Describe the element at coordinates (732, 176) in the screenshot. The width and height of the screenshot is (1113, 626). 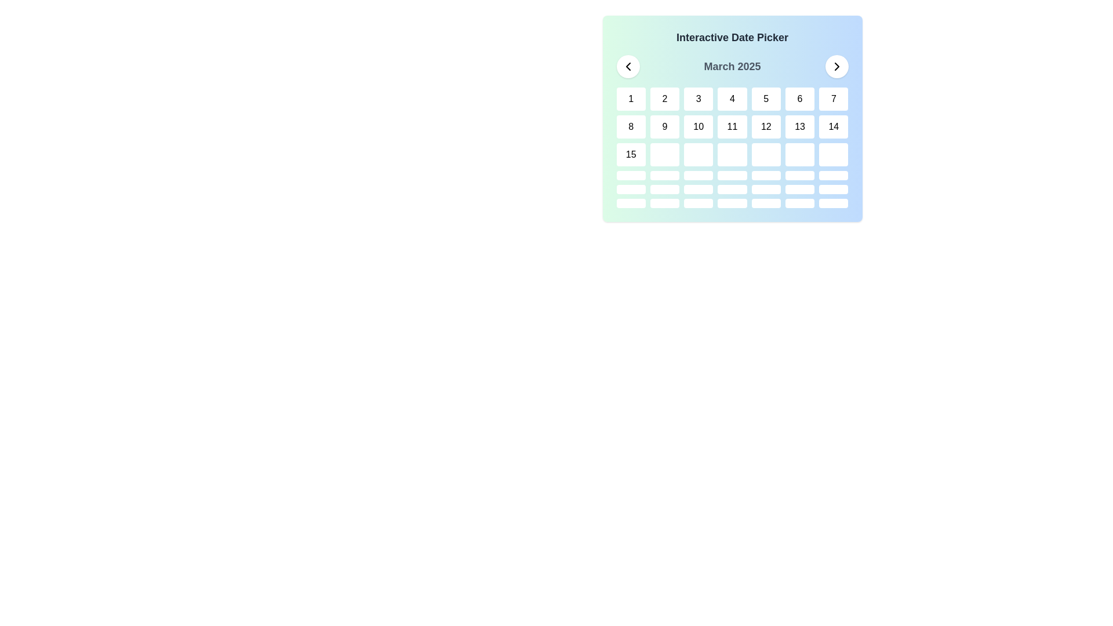
I see `the small, rounded rectangular button with a white background located in the 4th box of the 4th row in the calendar interface for March 2025` at that location.